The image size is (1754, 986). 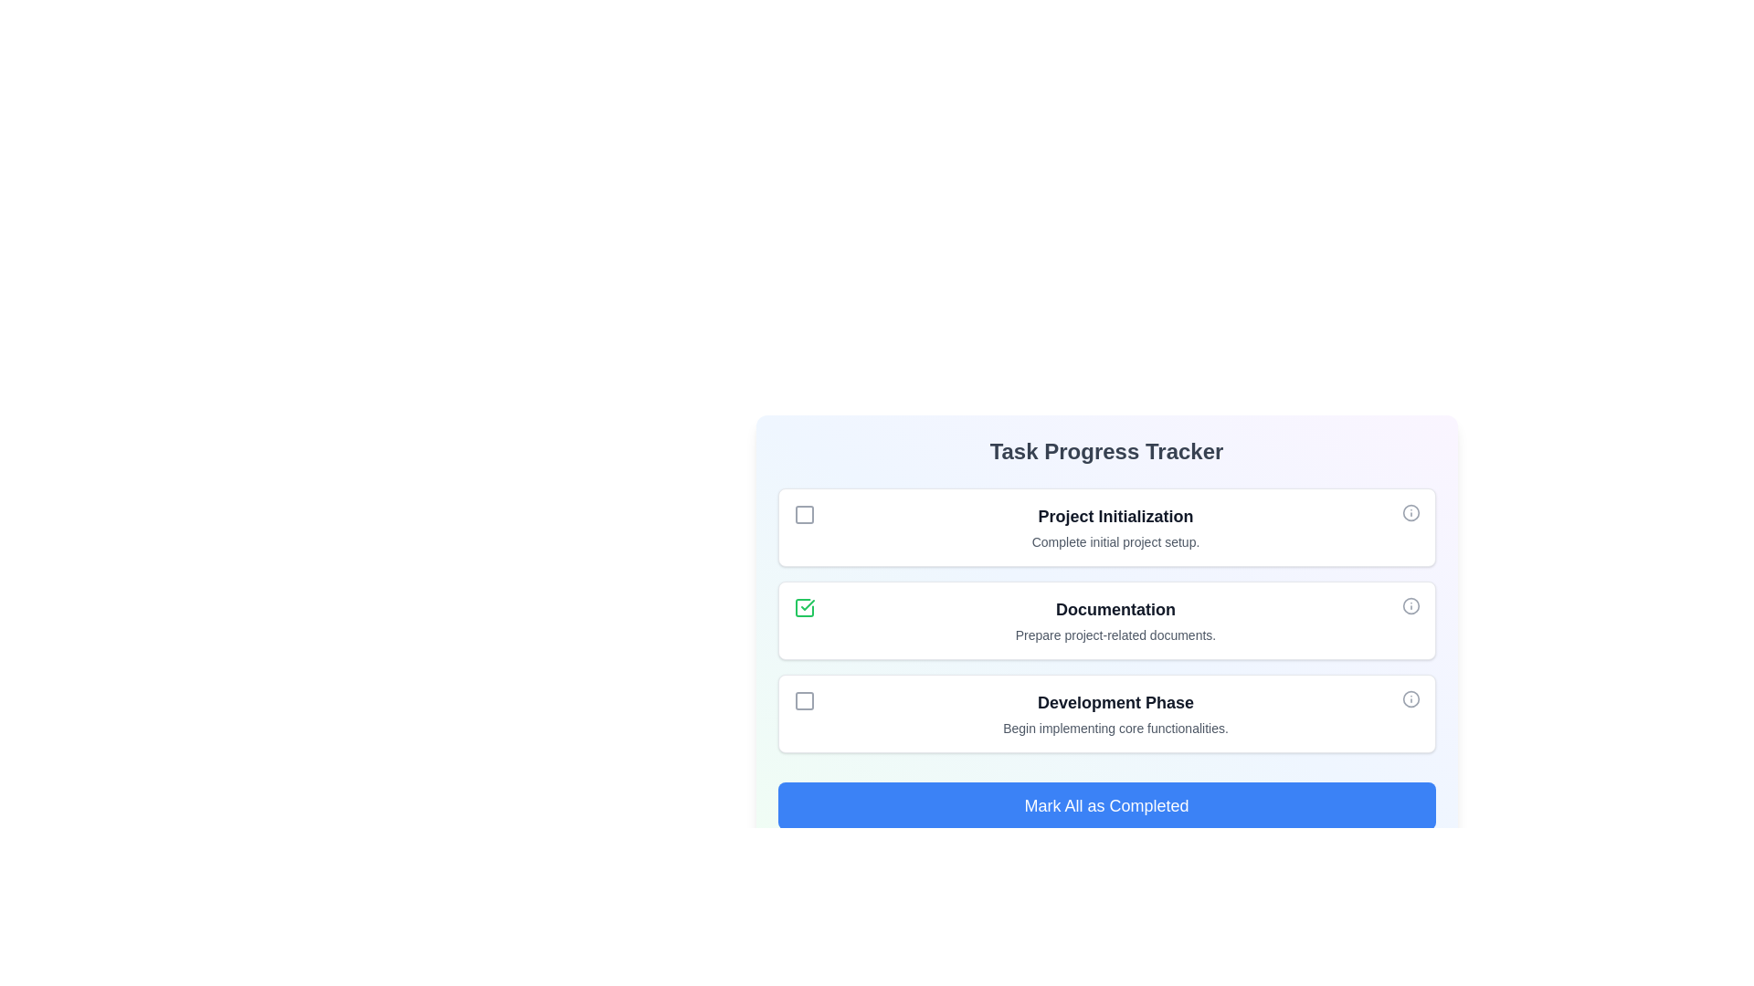 What do you see at coordinates (804, 699) in the screenshot?
I see `the checkbox located adjacent` at bounding box center [804, 699].